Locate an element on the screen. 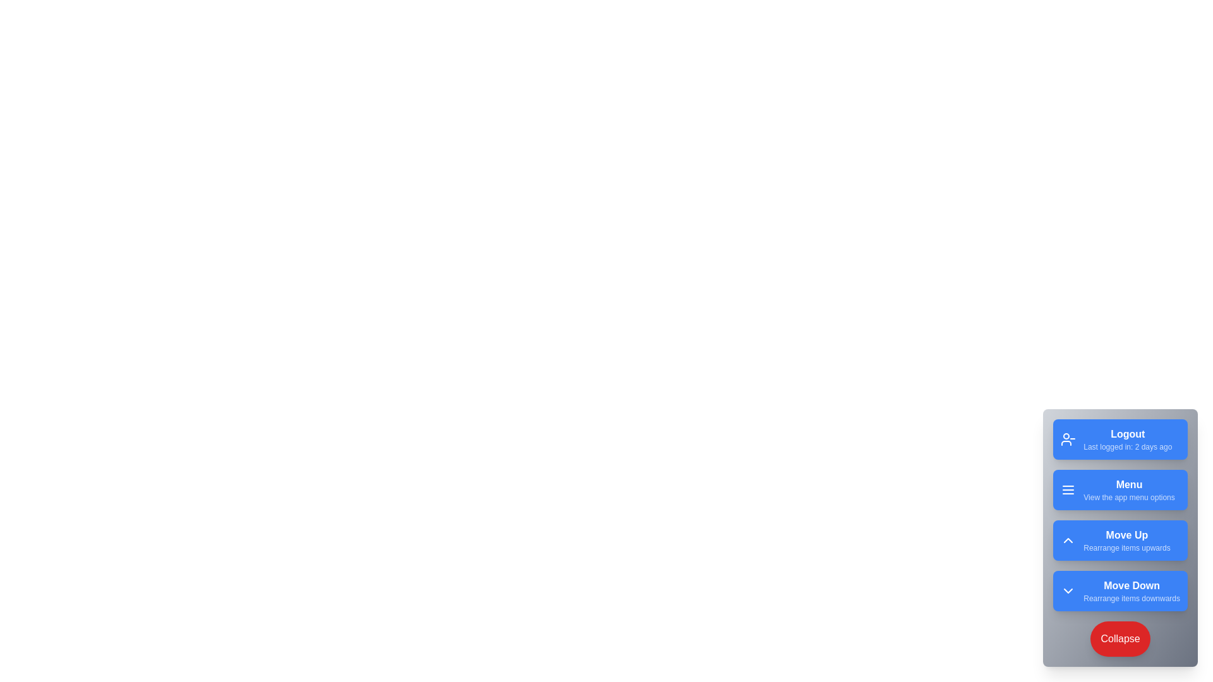 This screenshot has height=682, width=1213. the Icon (Chevron Down) located to the left of the 'Move Down' button, which is above the text 'Rearrange items downwards.' is located at coordinates (1068, 591).